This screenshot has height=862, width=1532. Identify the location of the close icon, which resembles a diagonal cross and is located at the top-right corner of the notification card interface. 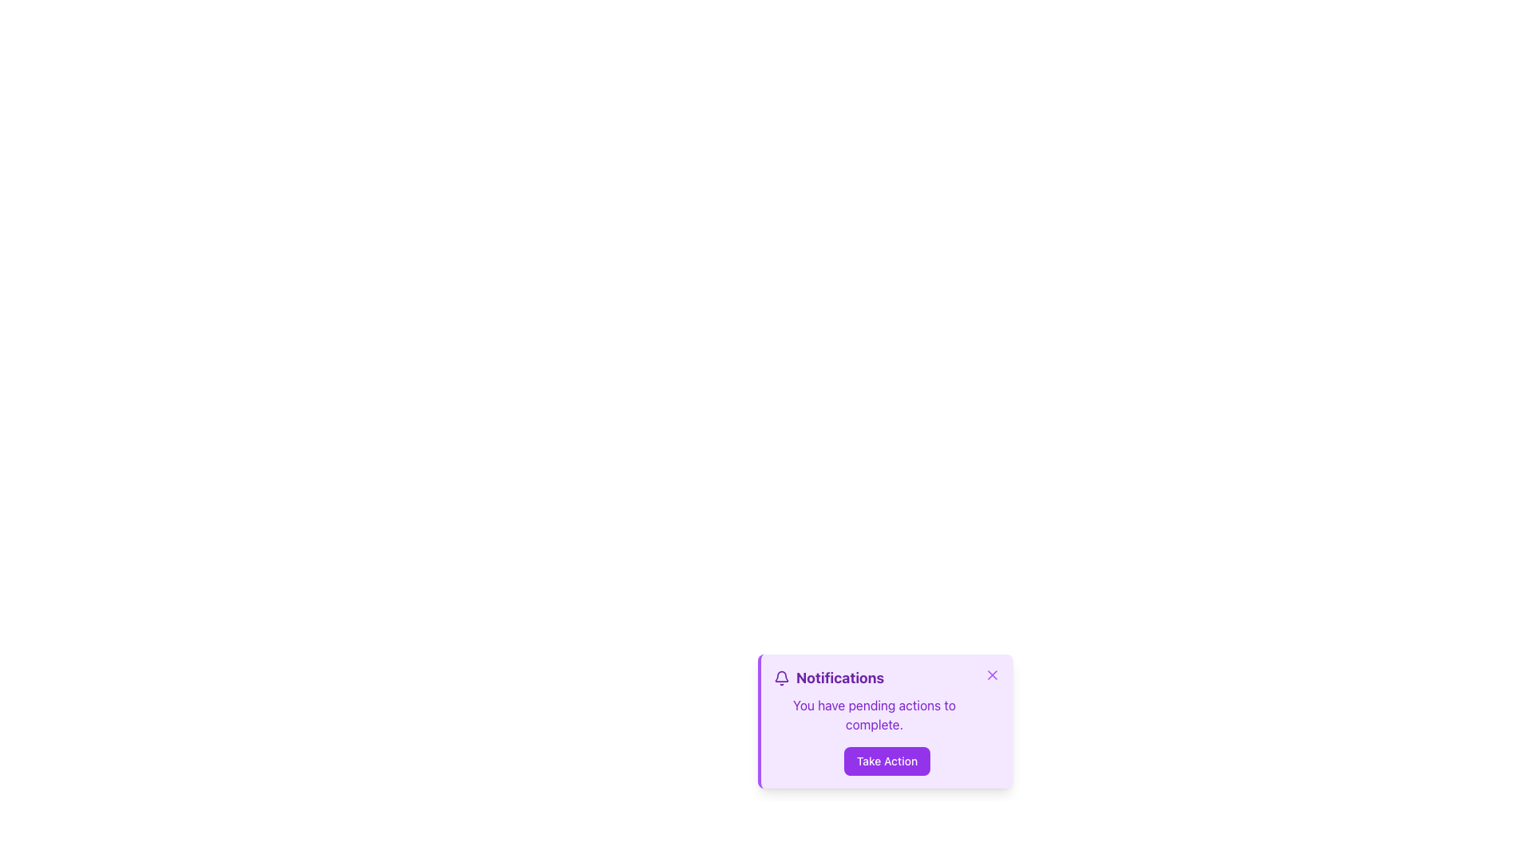
(991, 674).